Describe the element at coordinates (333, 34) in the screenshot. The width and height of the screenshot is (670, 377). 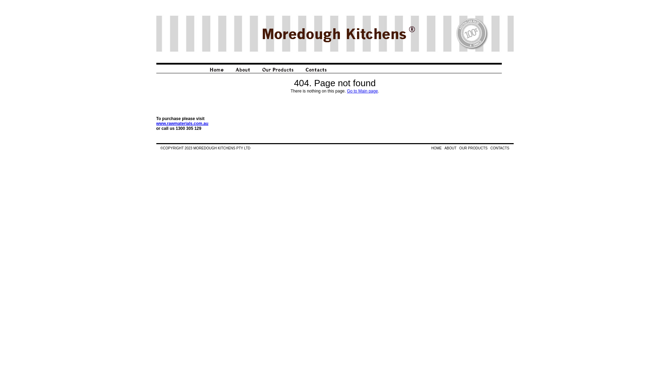
I see `'Moredough Kitchens'` at that location.